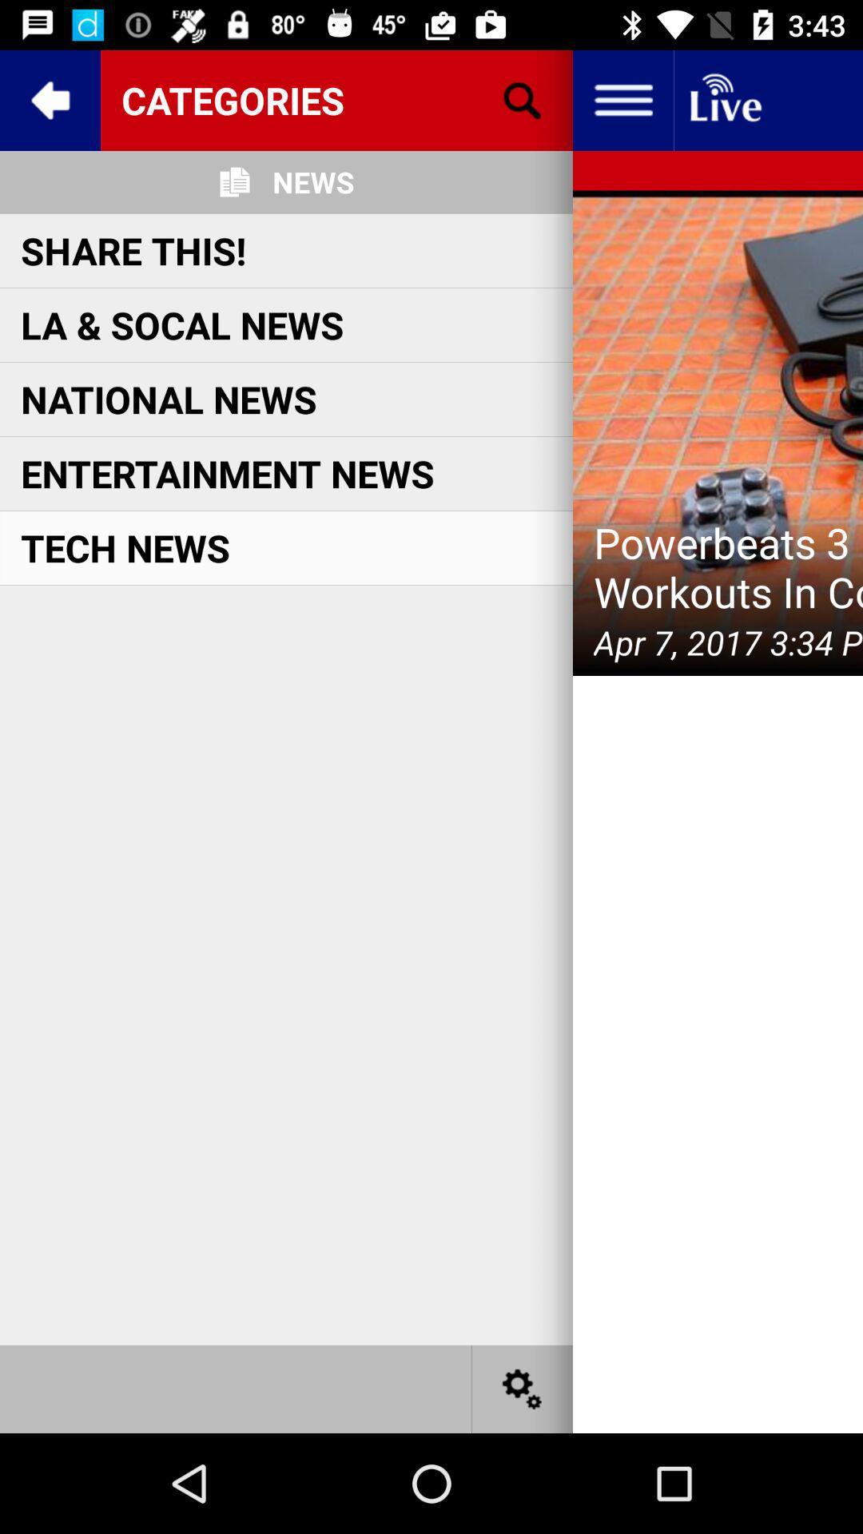  I want to click on settings of app, so click(523, 1388).